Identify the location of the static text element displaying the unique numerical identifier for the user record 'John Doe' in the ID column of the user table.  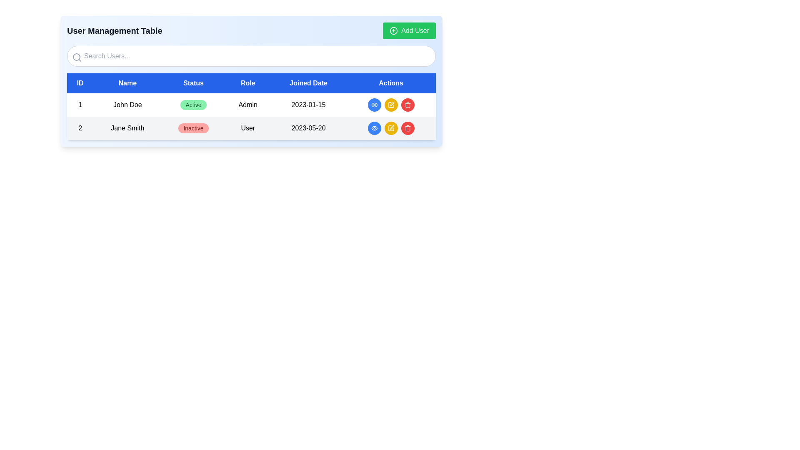
(80, 104).